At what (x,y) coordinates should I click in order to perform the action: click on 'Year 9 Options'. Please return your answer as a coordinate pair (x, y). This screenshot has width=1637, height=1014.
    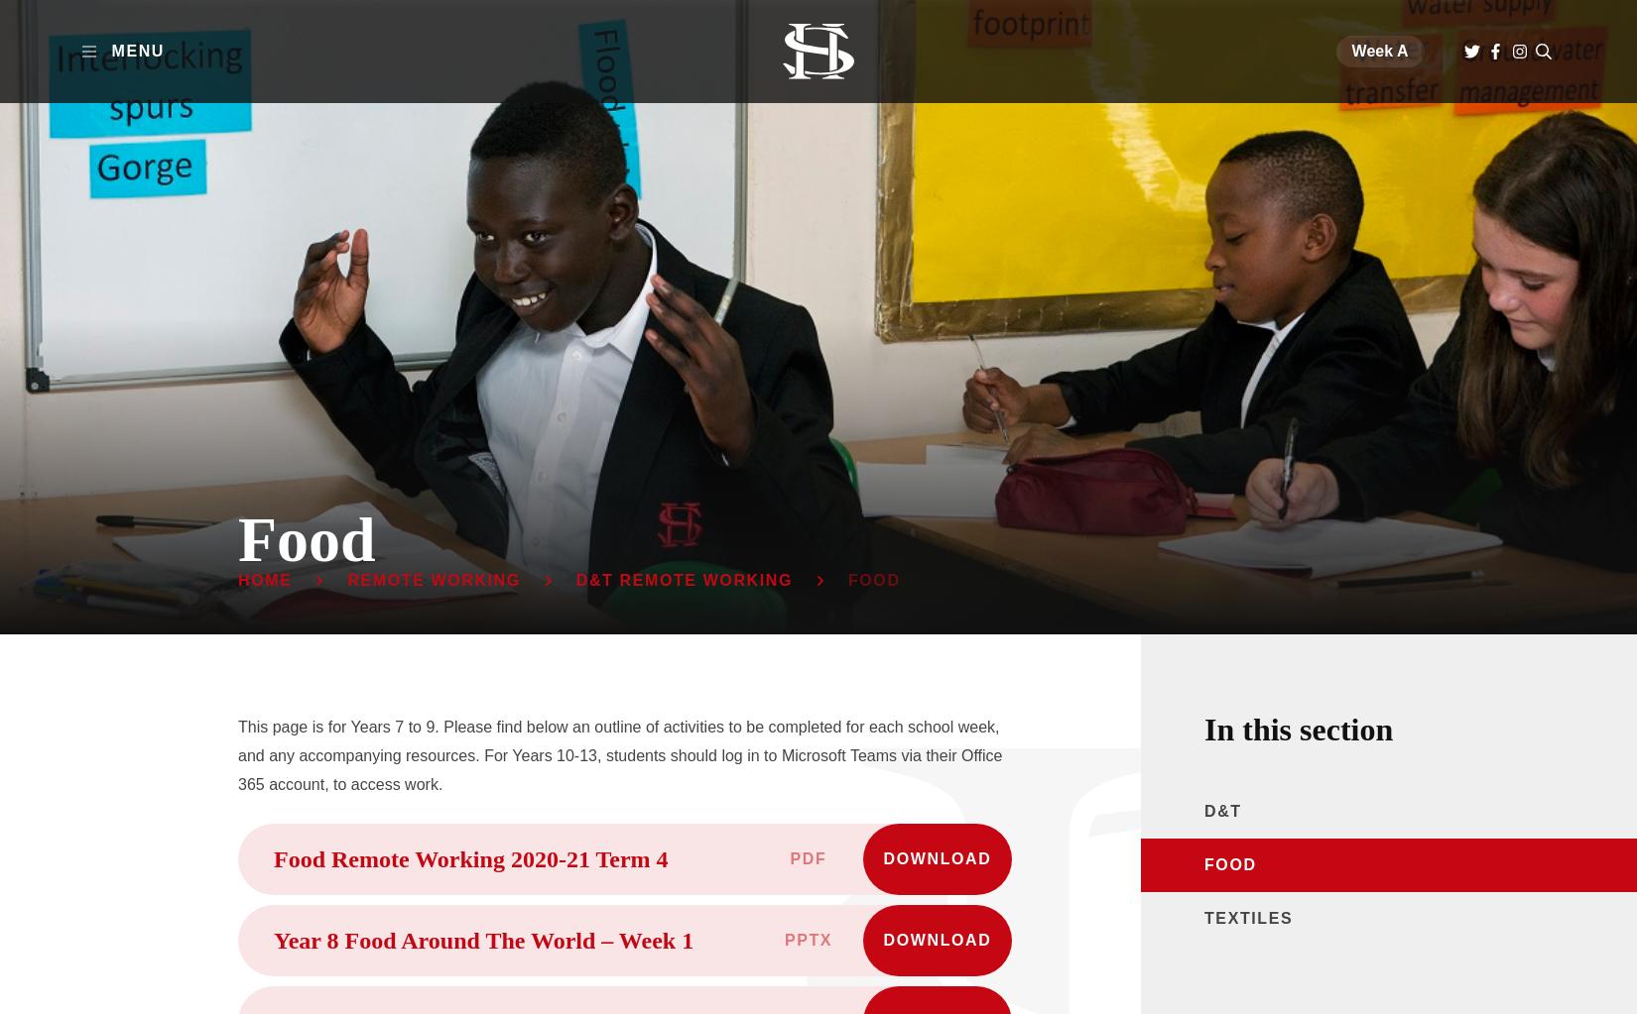
    Looking at the image, I should click on (797, 407).